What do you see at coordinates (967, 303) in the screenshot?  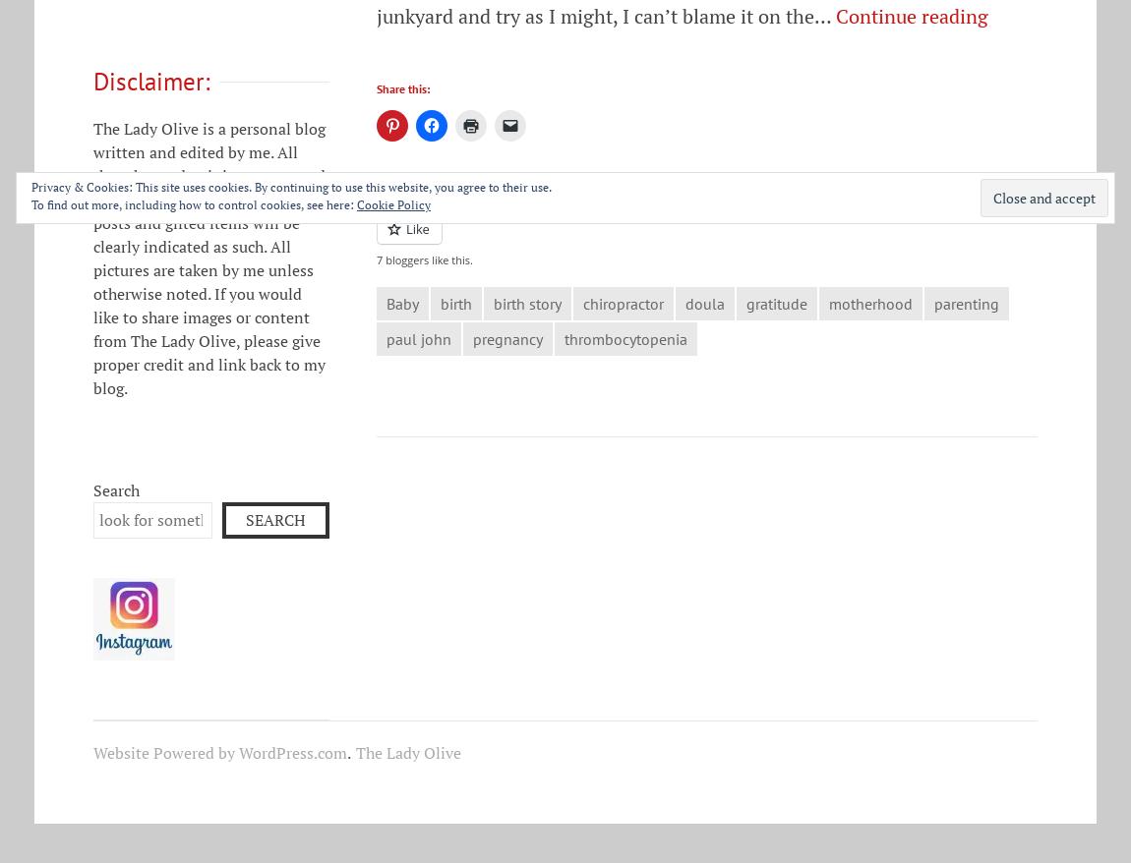 I see `'parenting'` at bounding box center [967, 303].